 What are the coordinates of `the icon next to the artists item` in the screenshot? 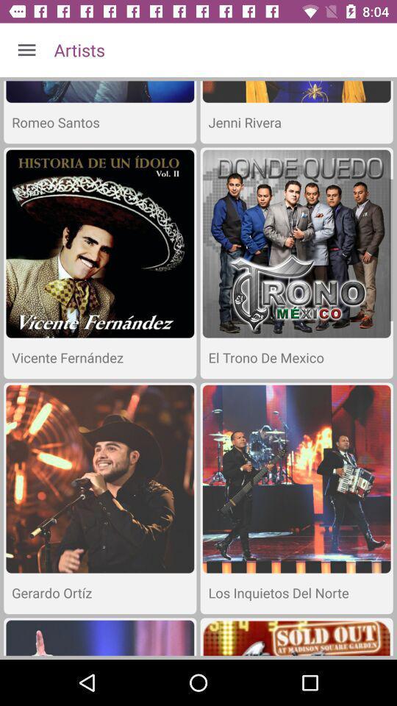 It's located at (26, 50).